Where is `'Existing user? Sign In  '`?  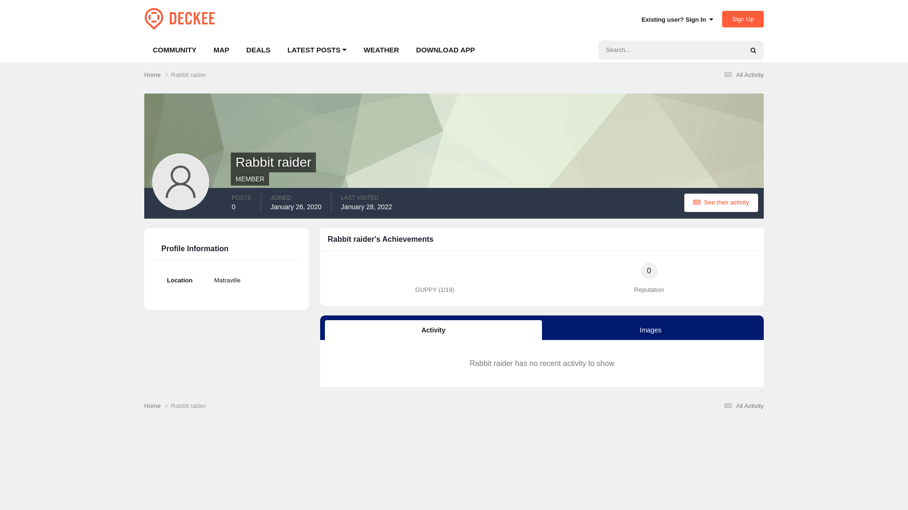 'Existing user? Sign In  ' is located at coordinates (641, 19).